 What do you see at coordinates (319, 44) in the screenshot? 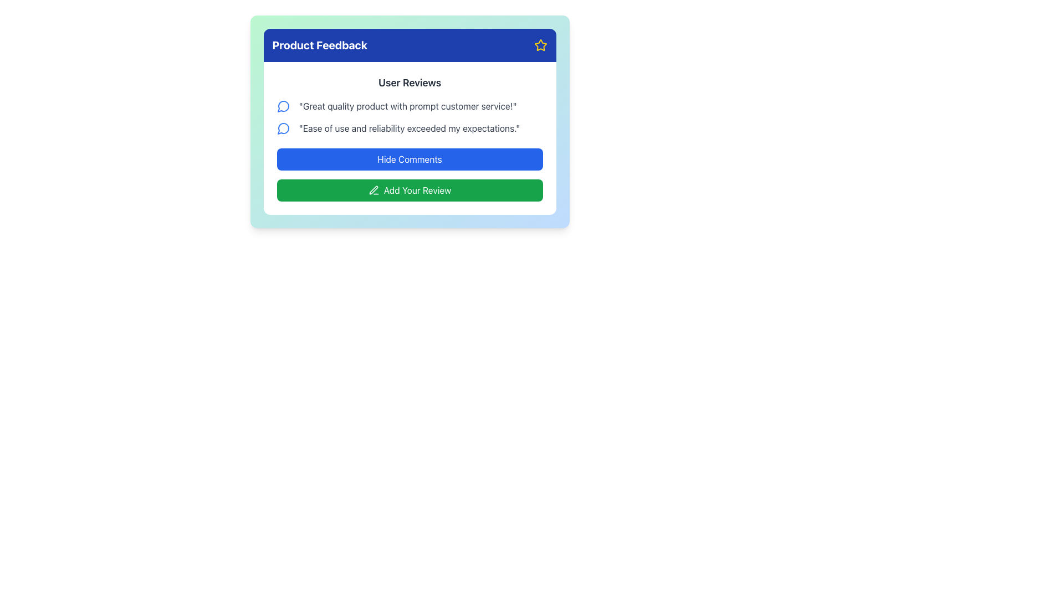
I see `the header label indicating 'Product Feedback', which is positioned at the top-left corner inside a blue rectangular bar` at bounding box center [319, 44].